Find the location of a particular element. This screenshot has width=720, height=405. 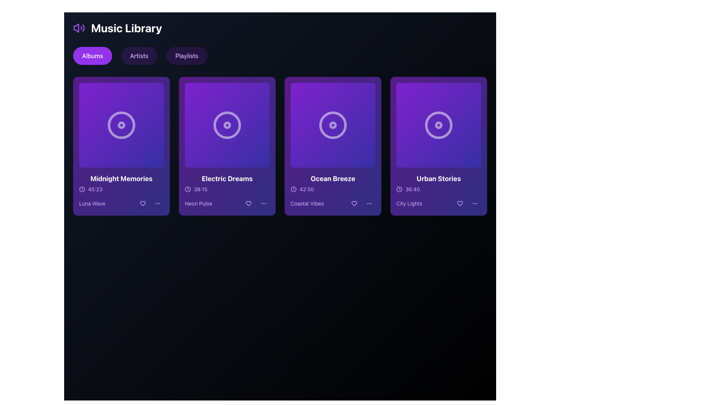

the Text Label that serves as the title of the media item in the third card of the Music Library interface, located above the duration text '42:50' is located at coordinates (333, 179).